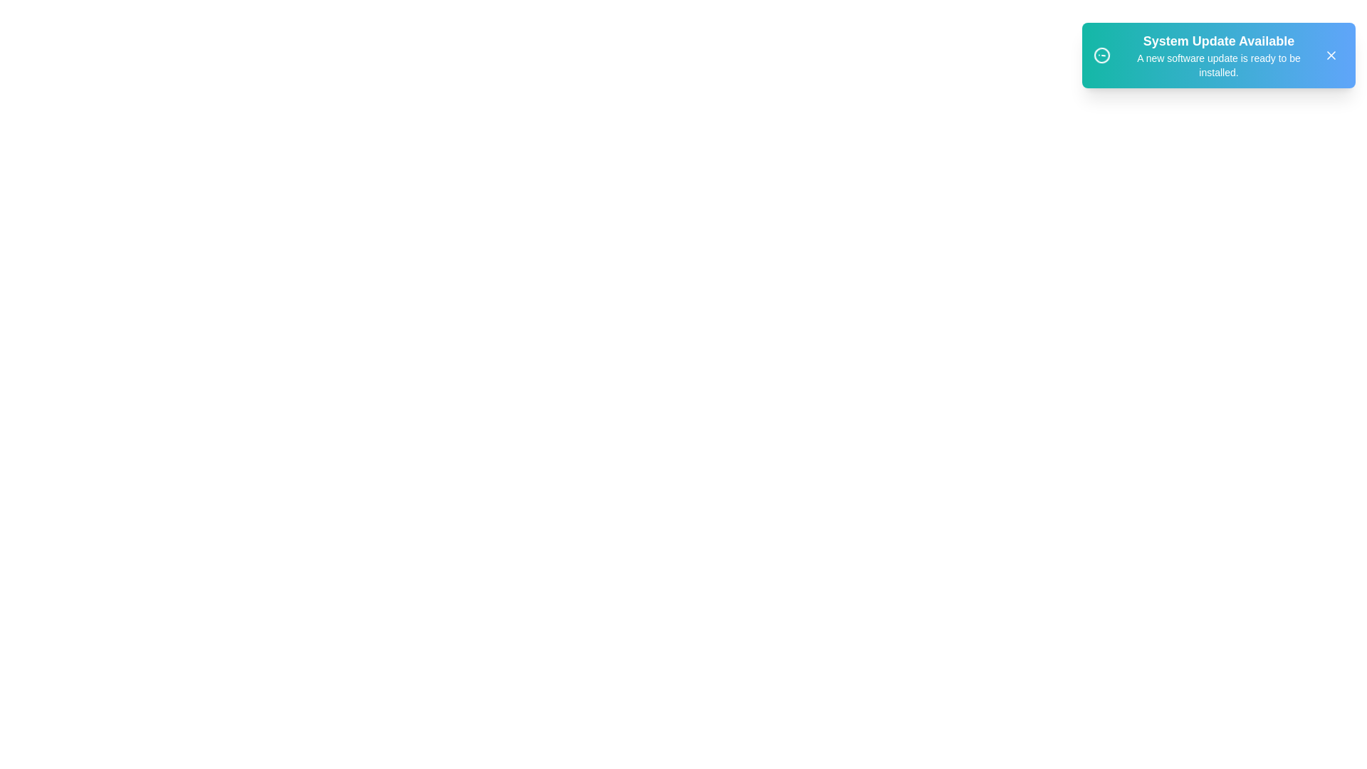 The image size is (1367, 769). Describe the element at coordinates (1331, 54) in the screenshot. I see `the close button to dismiss the snackbar` at that location.